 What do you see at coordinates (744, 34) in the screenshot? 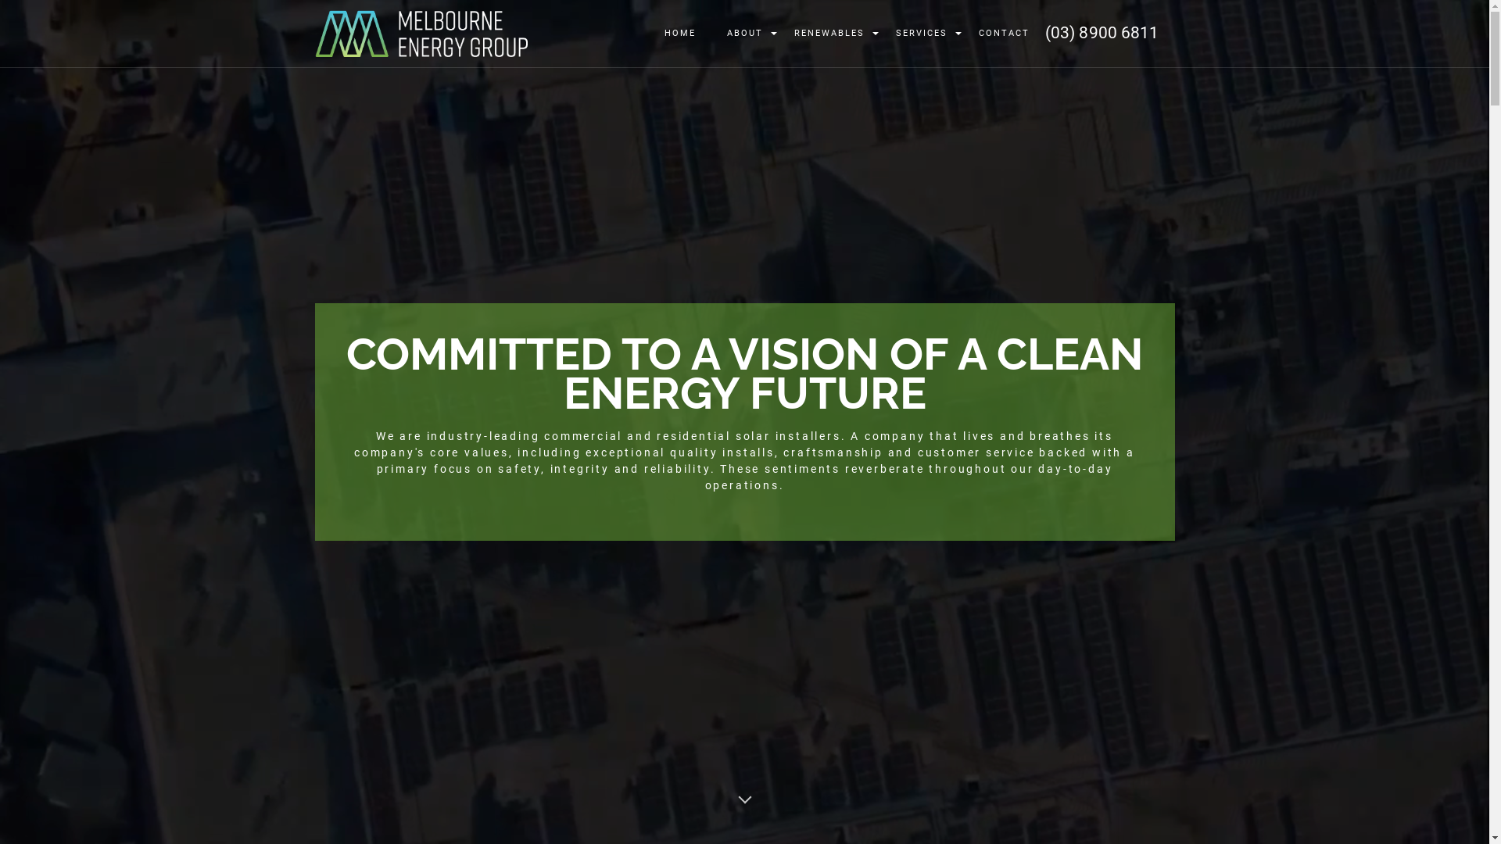
I see `'ABOUT'` at bounding box center [744, 34].